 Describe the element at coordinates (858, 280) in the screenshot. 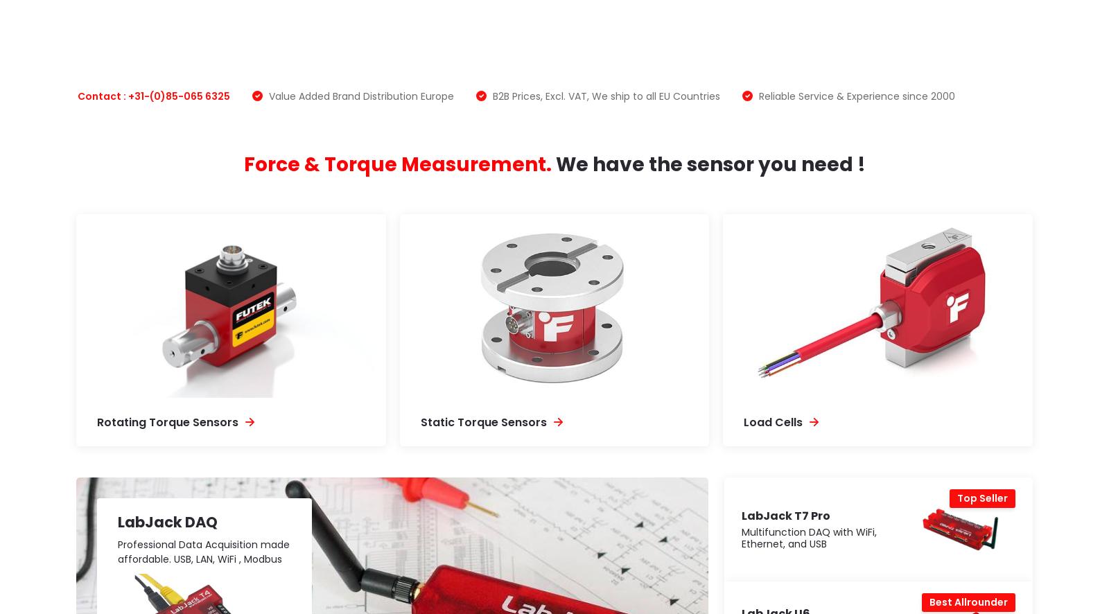

I see `'Nog geen account?'` at that location.